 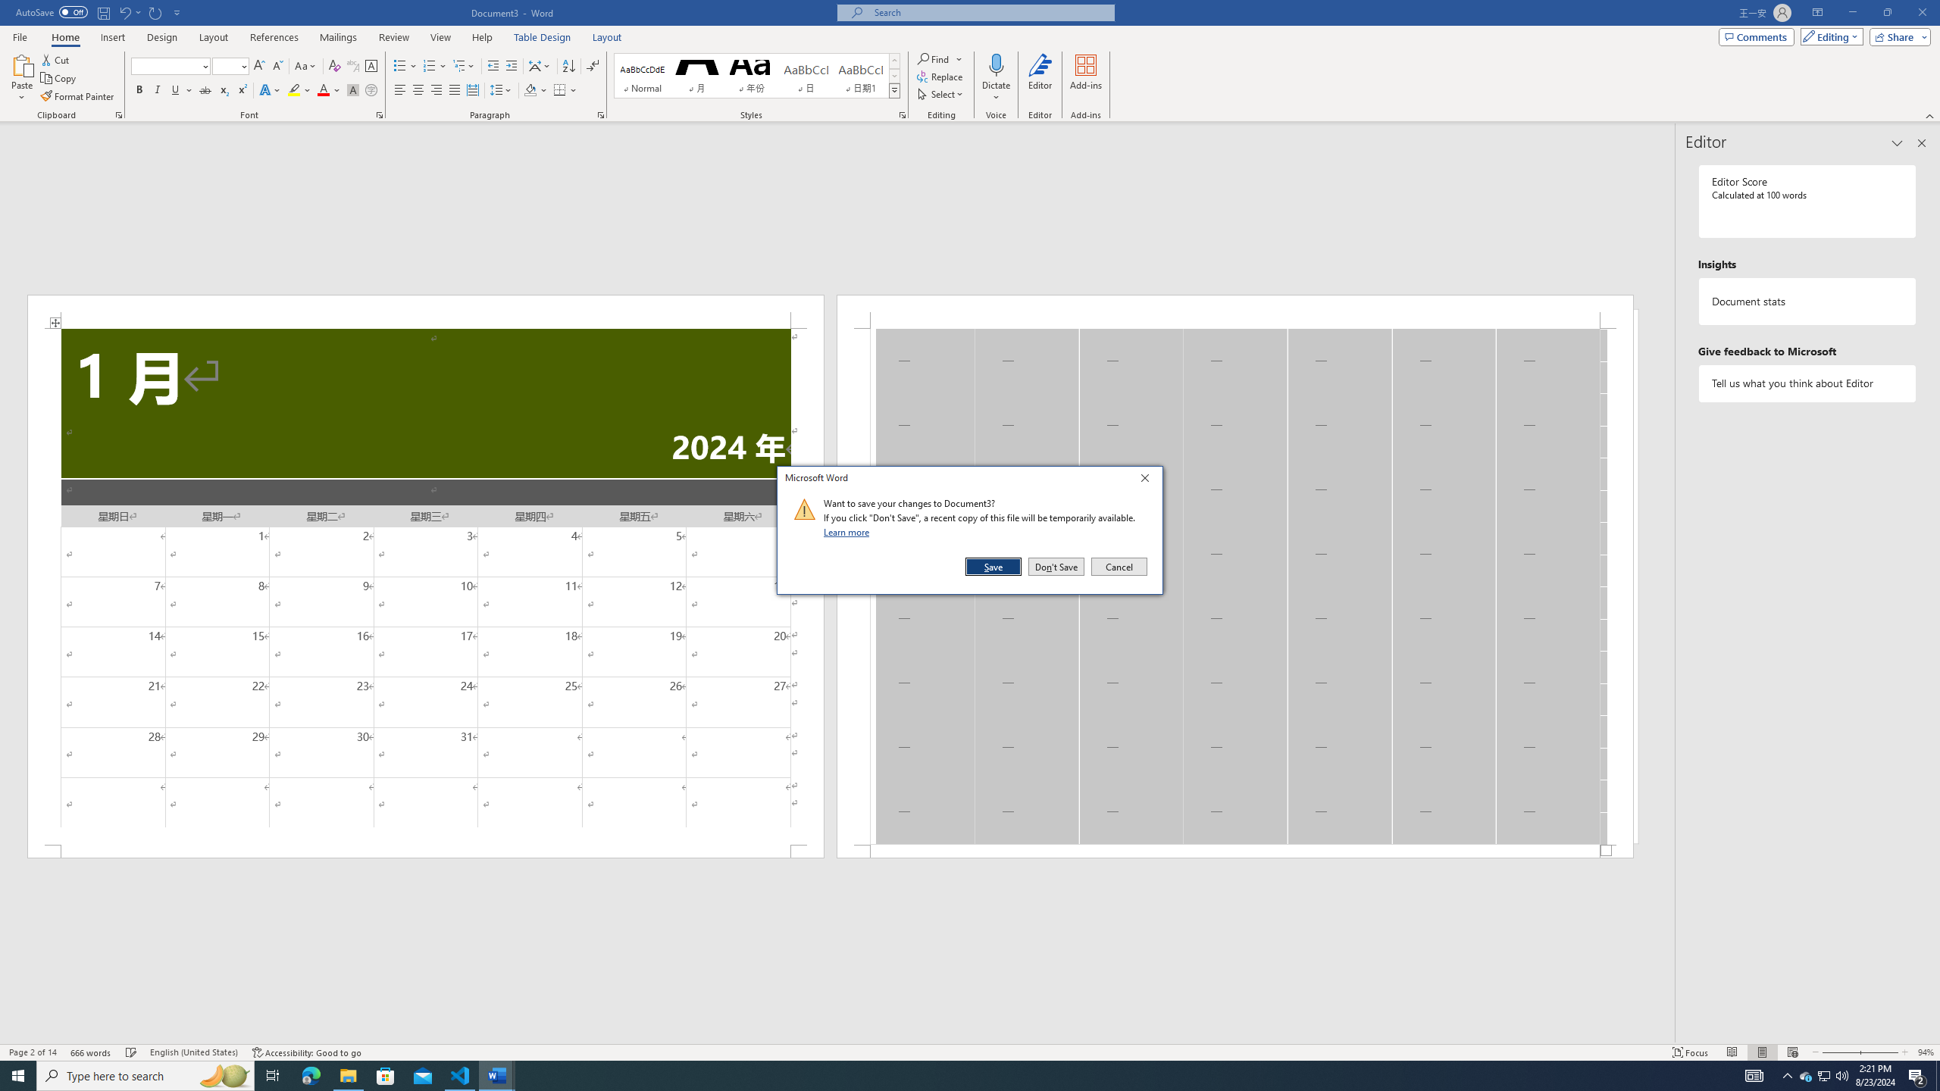 What do you see at coordinates (417, 89) in the screenshot?
I see `'Center'` at bounding box center [417, 89].